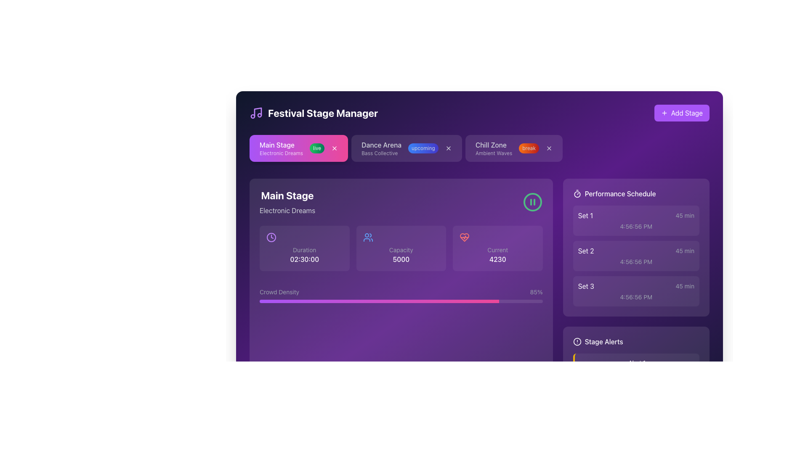 The height and width of the screenshot is (454, 808). I want to click on the control button located on the right side of the 'Main Stage' and 'Electronic Dreams' texts, so click(532, 202).